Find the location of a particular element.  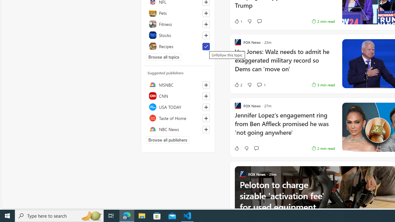

'Browse all publishers' is located at coordinates (168, 140).